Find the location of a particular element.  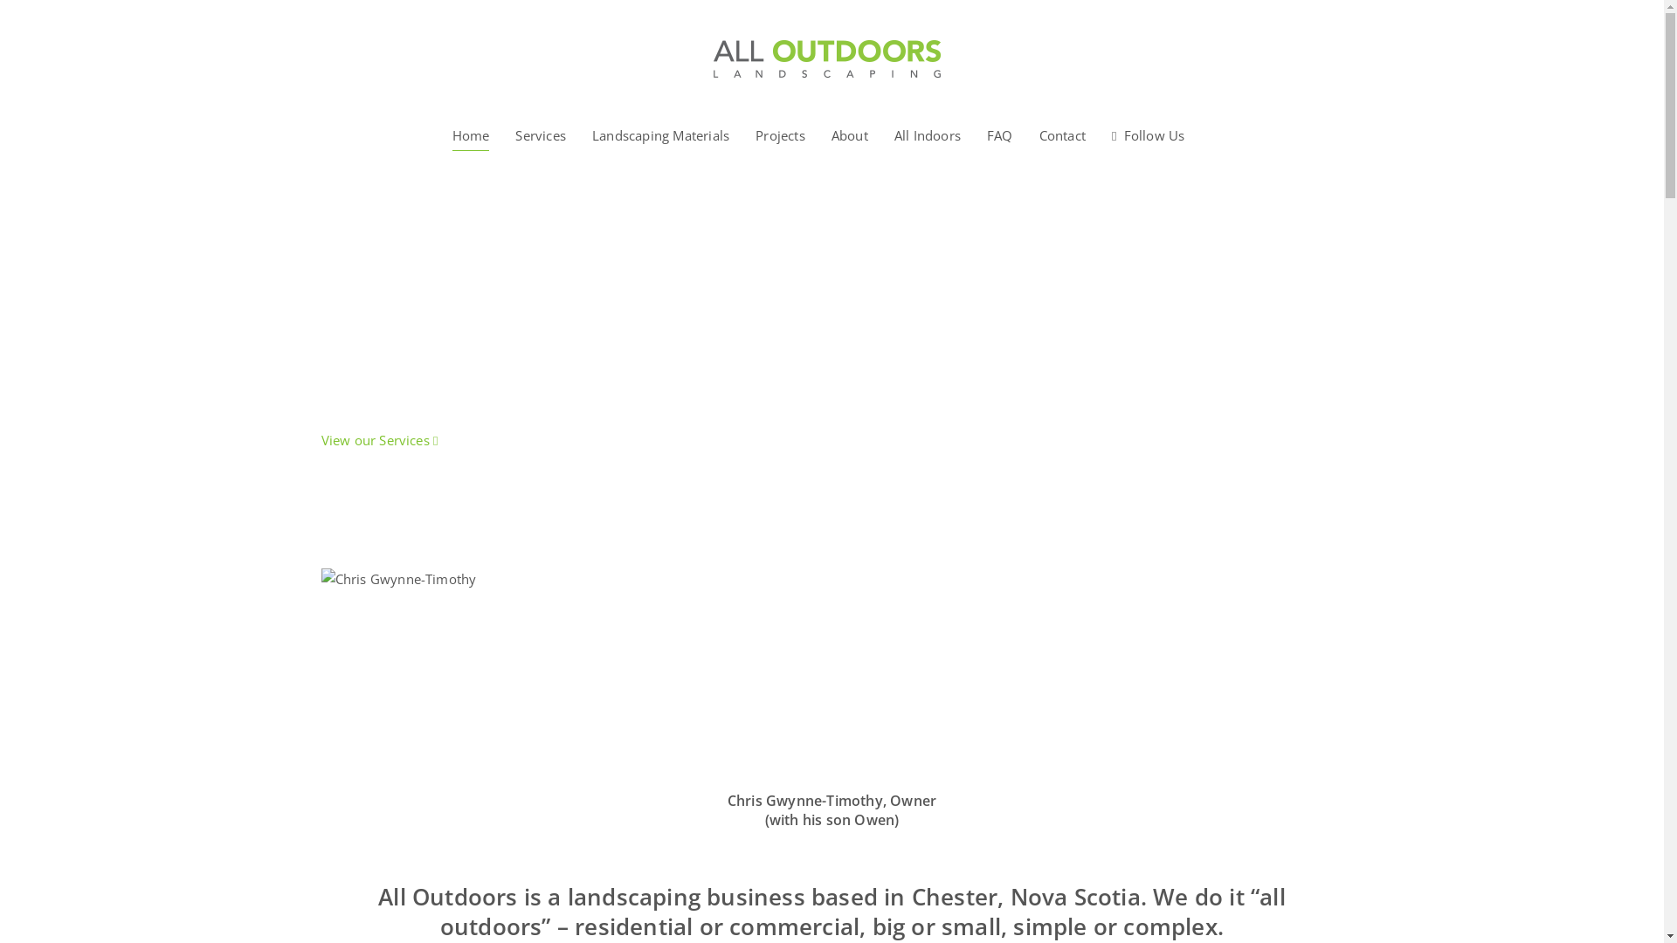

'About' is located at coordinates (850, 134).